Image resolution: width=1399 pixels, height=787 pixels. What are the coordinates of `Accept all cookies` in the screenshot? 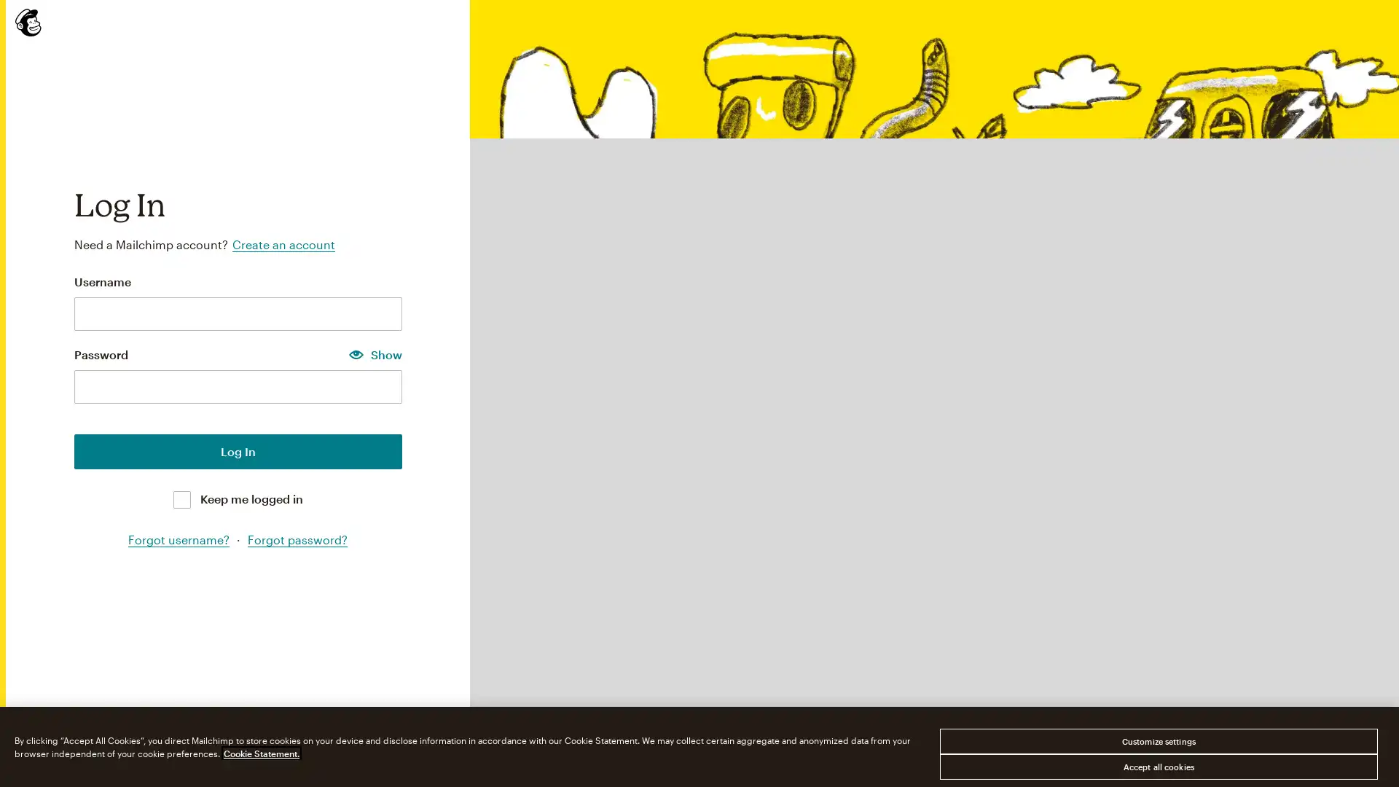 It's located at (1157, 766).